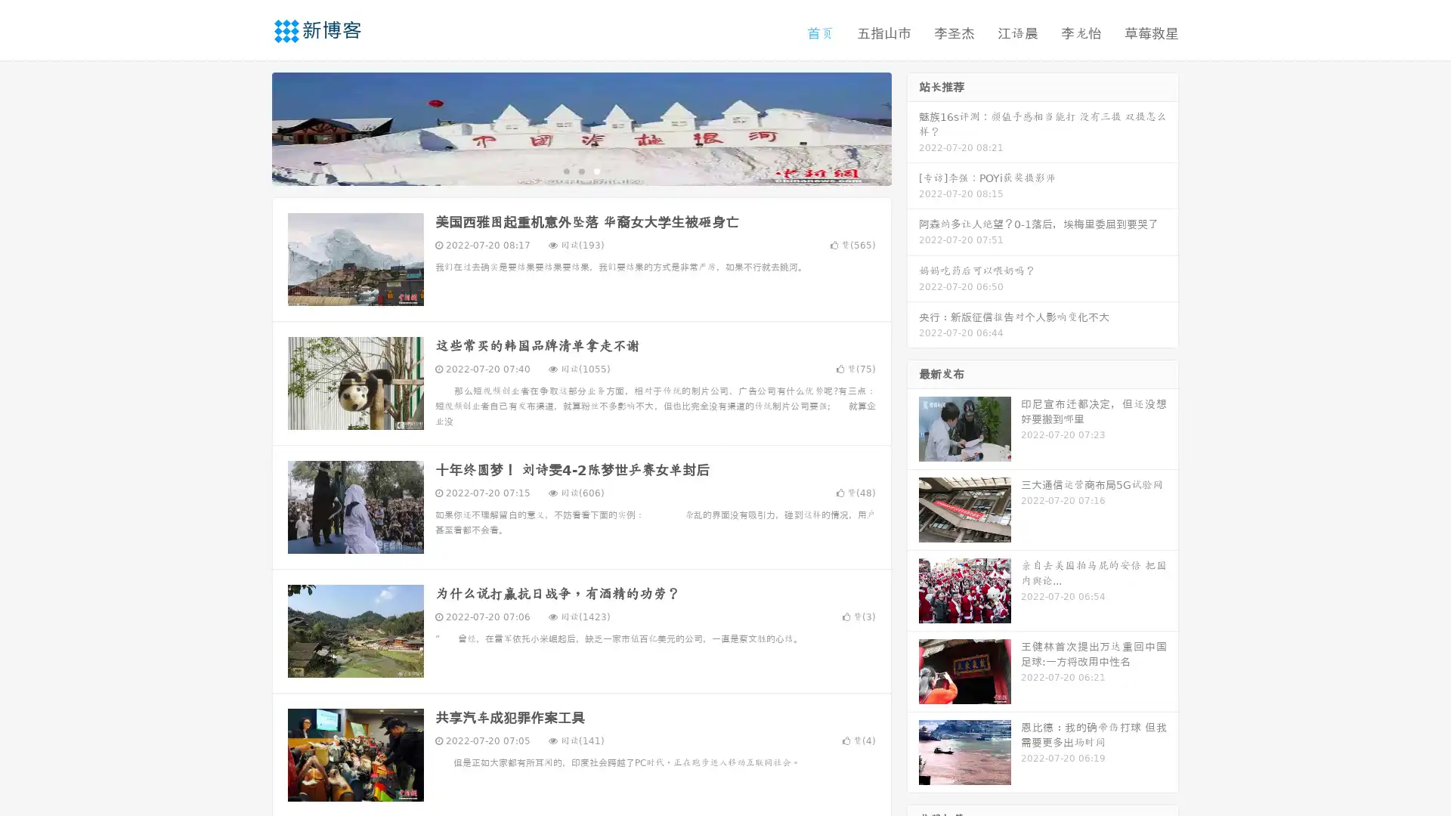 This screenshot has width=1451, height=816. I want to click on Go to slide 1, so click(565, 170).